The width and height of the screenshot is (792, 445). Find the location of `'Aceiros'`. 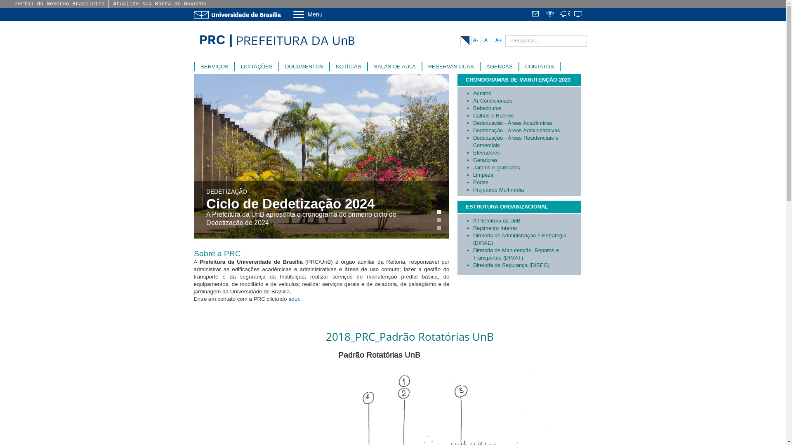

'Aceiros' is located at coordinates (526, 93).